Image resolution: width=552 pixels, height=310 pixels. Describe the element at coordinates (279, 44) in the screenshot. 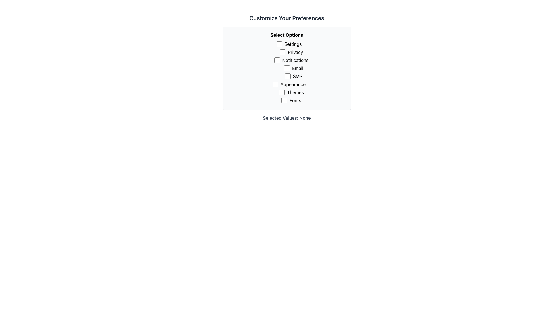

I see `the checkbox with a blue border next to the label 'Settings' in the 'Select Options' section` at that location.